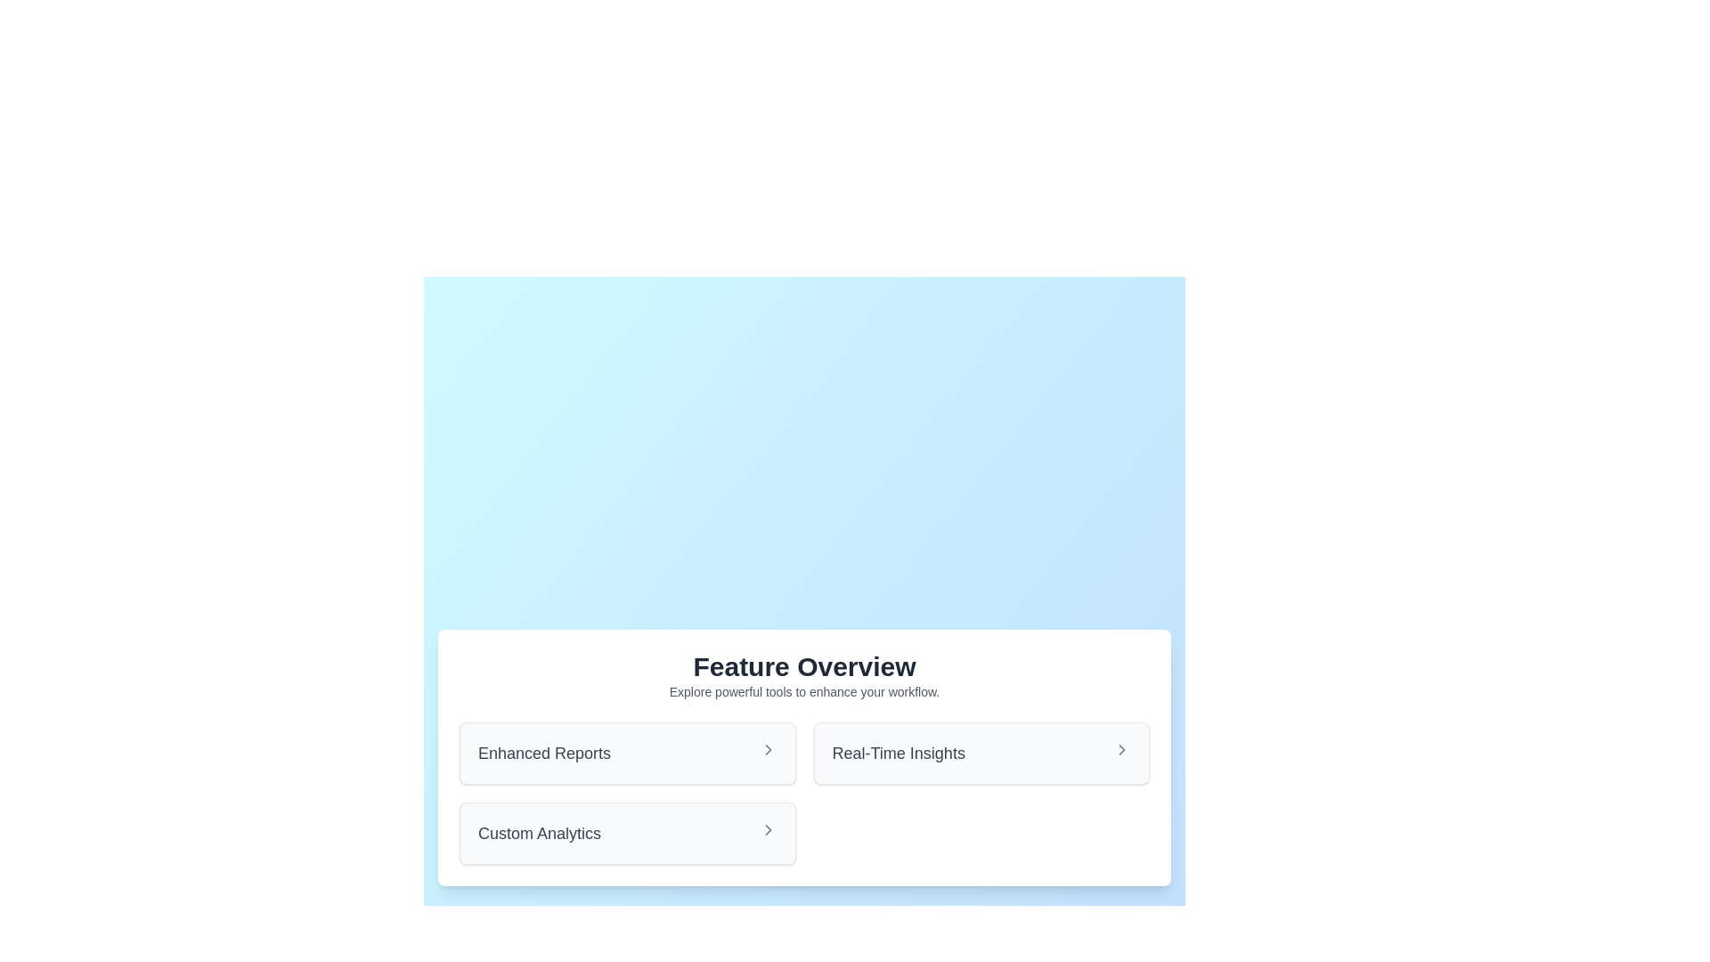 The height and width of the screenshot is (962, 1710). Describe the element at coordinates (543, 753) in the screenshot. I see `the 'Enhanced Reports' text label located under the 'Feature Overview' section` at that location.